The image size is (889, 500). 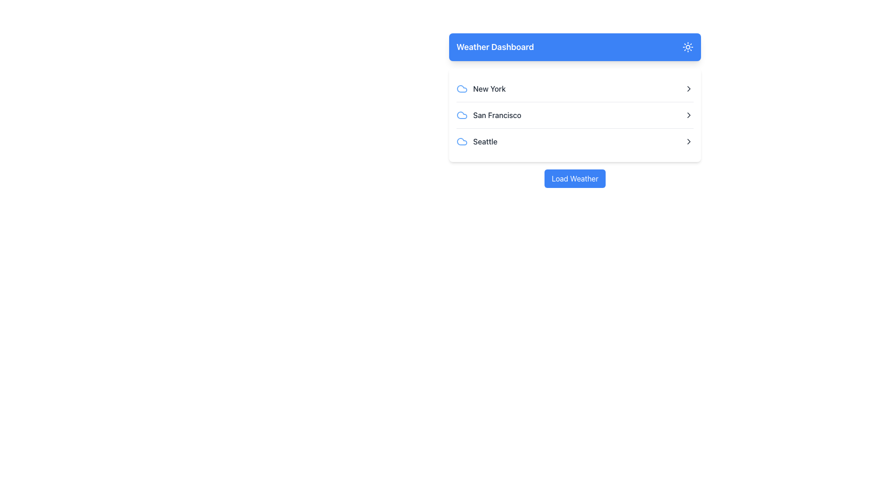 What do you see at coordinates (575, 89) in the screenshot?
I see `the first row of the selectable list item for 'New York' under the 'Weather Dashboard'` at bounding box center [575, 89].